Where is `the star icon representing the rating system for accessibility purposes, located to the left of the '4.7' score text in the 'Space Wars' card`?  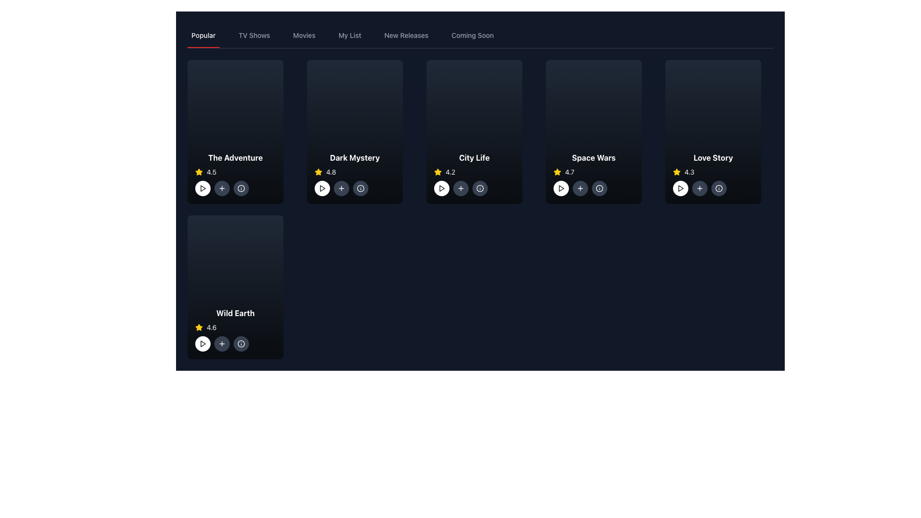 the star icon representing the rating system for accessibility purposes, located to the left of the '4.7' score text in the 'Space Wars' card is located at coordinates (557, 171).